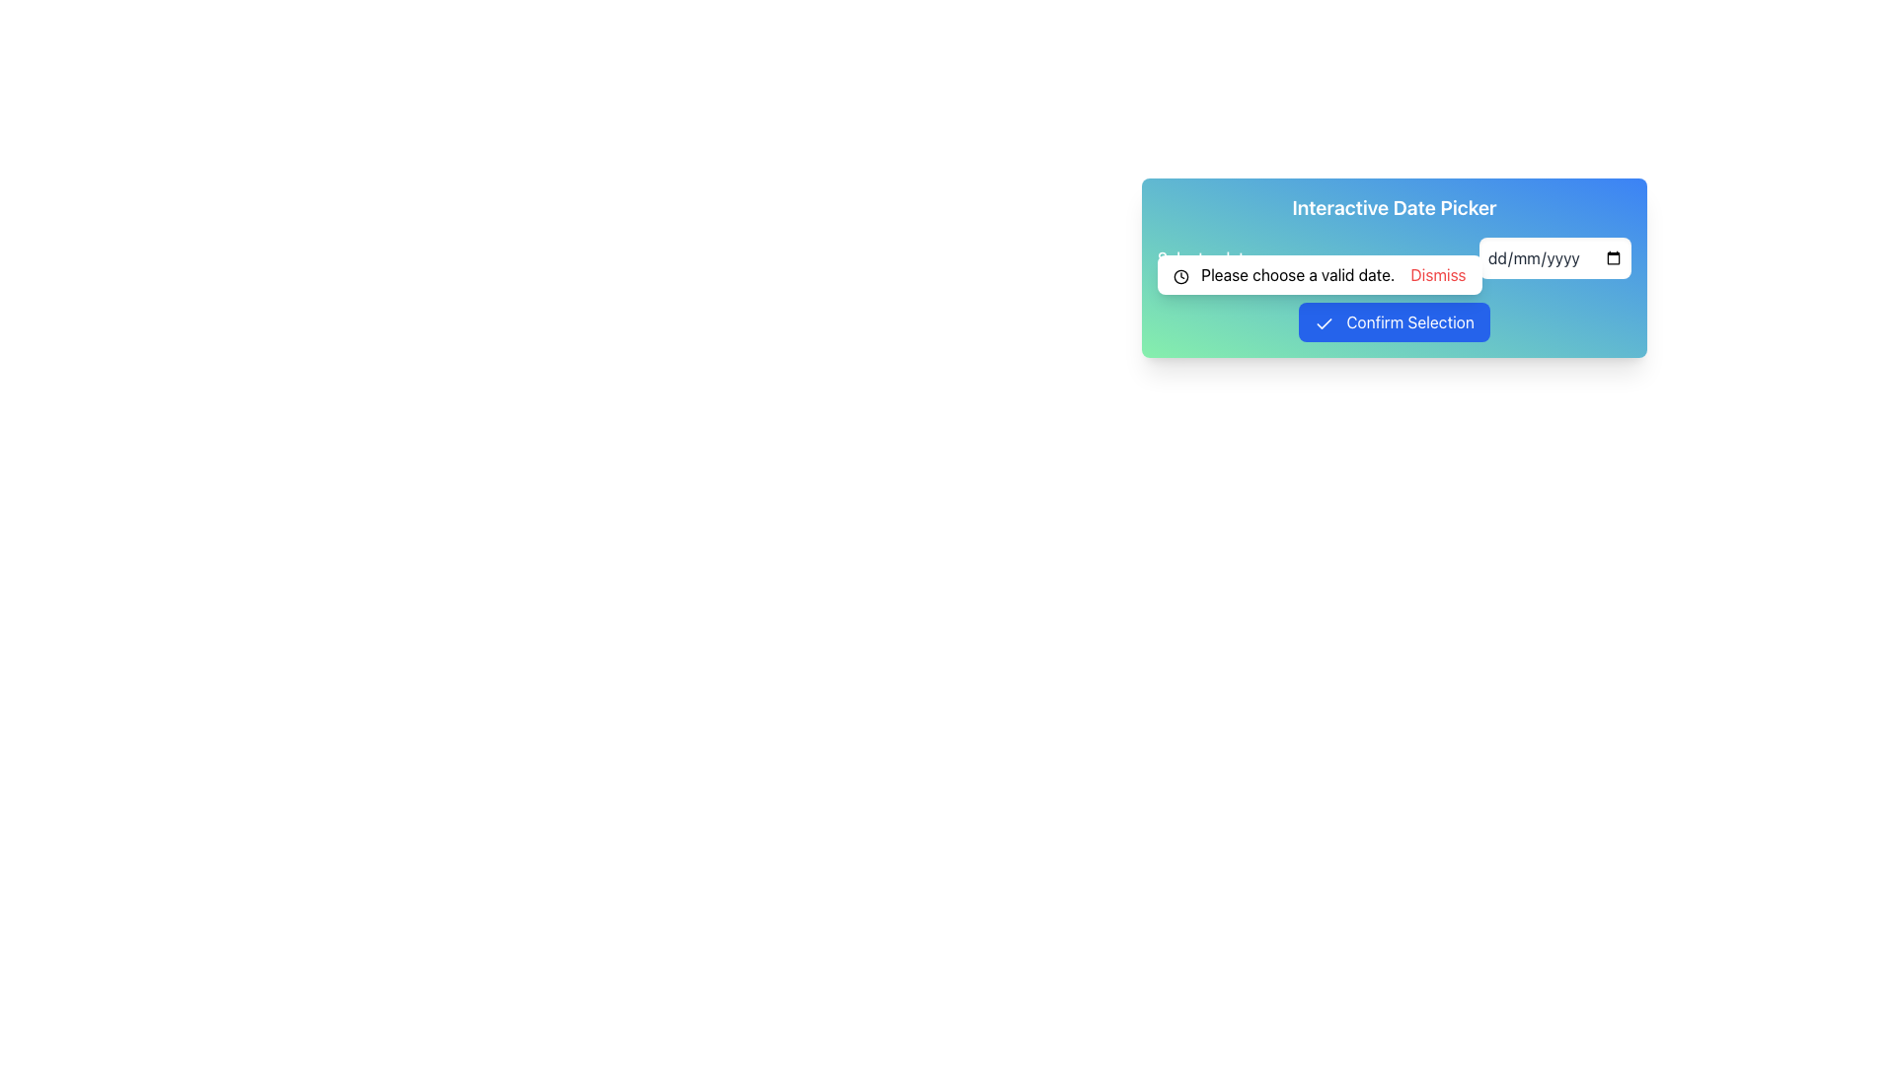 This screenshot has height=1065, width=1895. What do you see at coordinates (1393, 208) in the screenshot?
I see `the text label displaying the title 'Interactive Date Picker', which is in bold white font on a gradient background transitioning from green to blue` at bounding box center [1393, 208].